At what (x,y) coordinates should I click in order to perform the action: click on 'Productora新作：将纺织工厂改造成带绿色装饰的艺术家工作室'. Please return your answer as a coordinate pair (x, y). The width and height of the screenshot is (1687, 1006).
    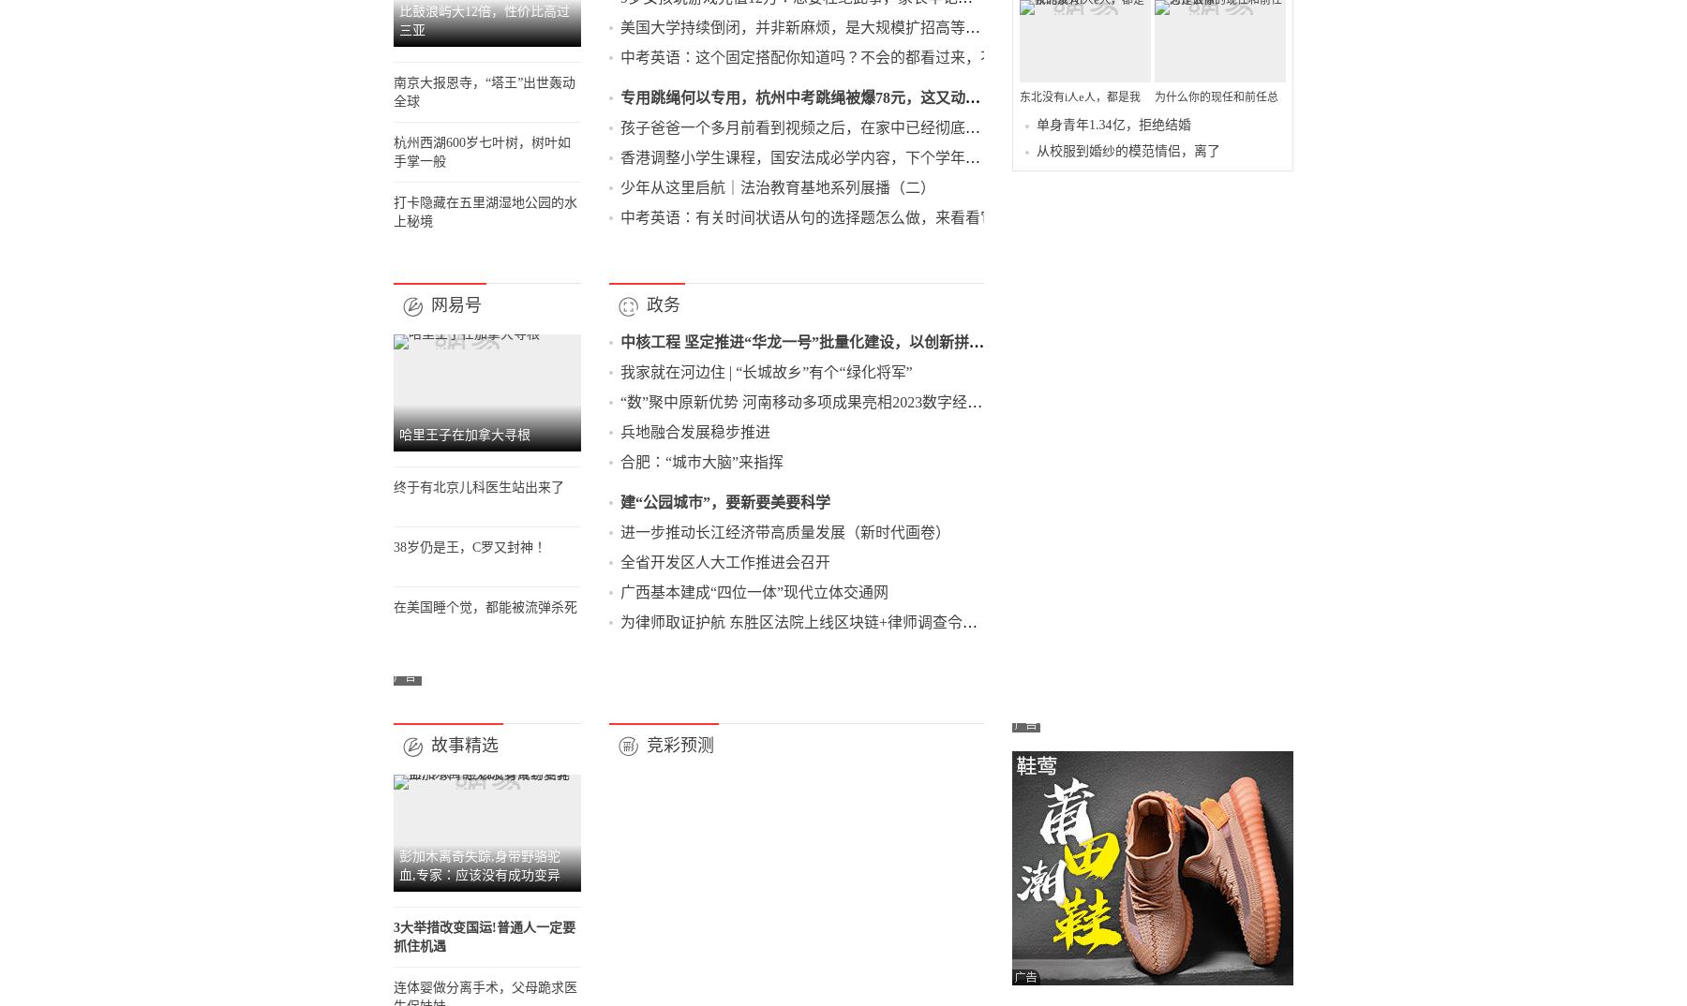
    Looking at the image, I should click on (1327, 21).